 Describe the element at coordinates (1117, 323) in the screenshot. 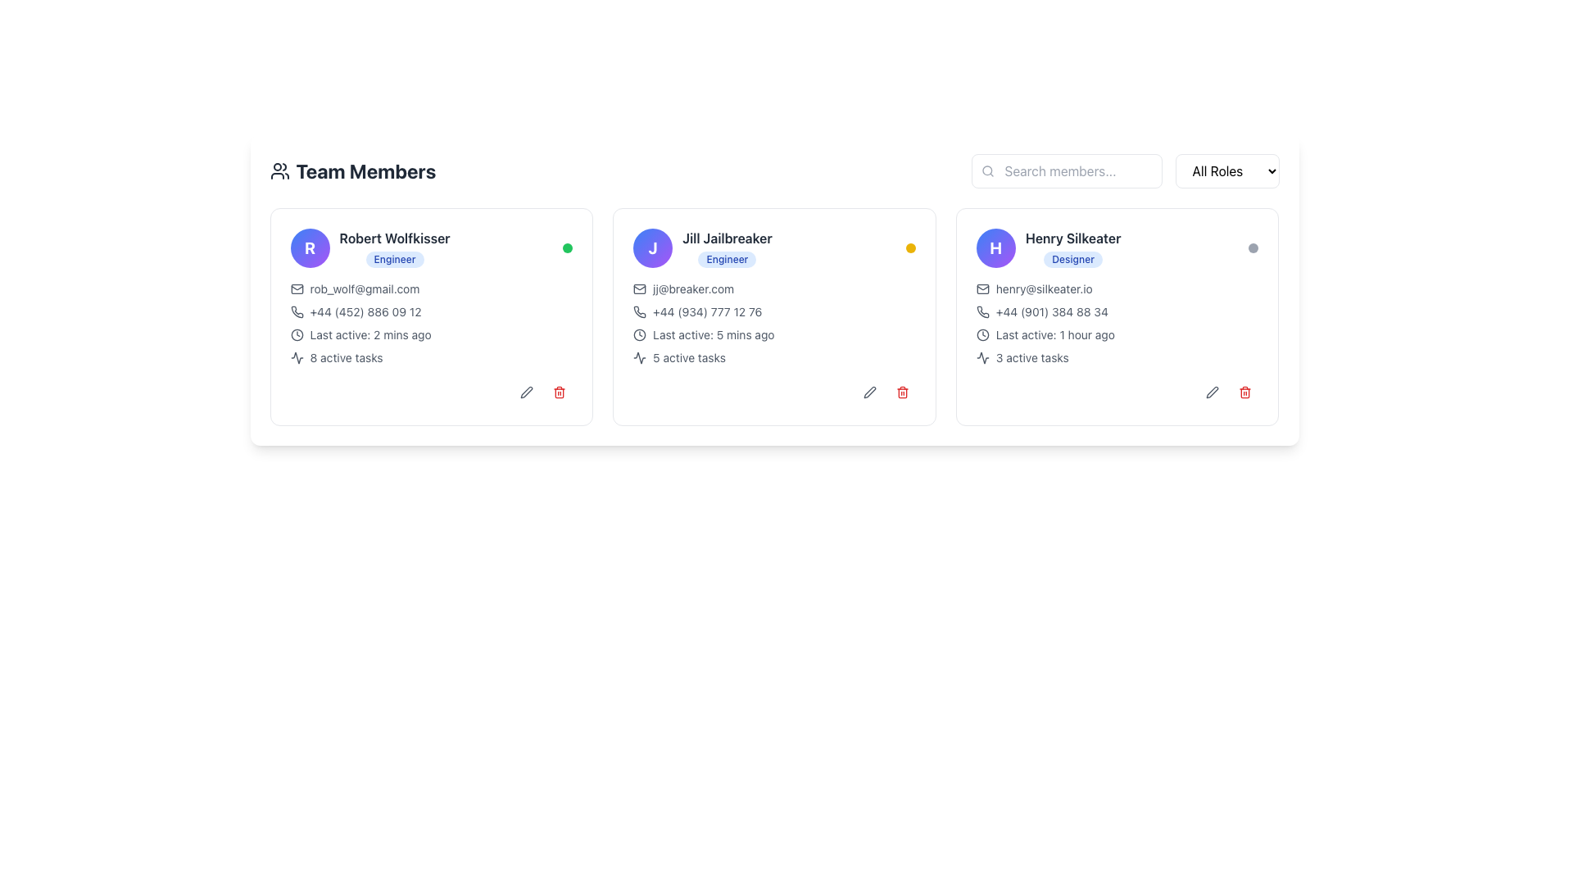

I see `the email address within the textual information block under the user 'Henry Silkeater' to send an email` at that location.